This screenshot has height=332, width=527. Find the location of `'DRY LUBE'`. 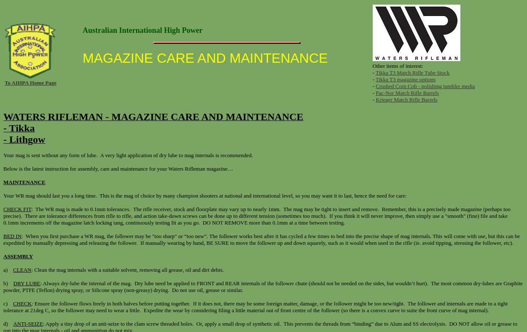

'DRY LUBE' is located at coordinates (26, 283).